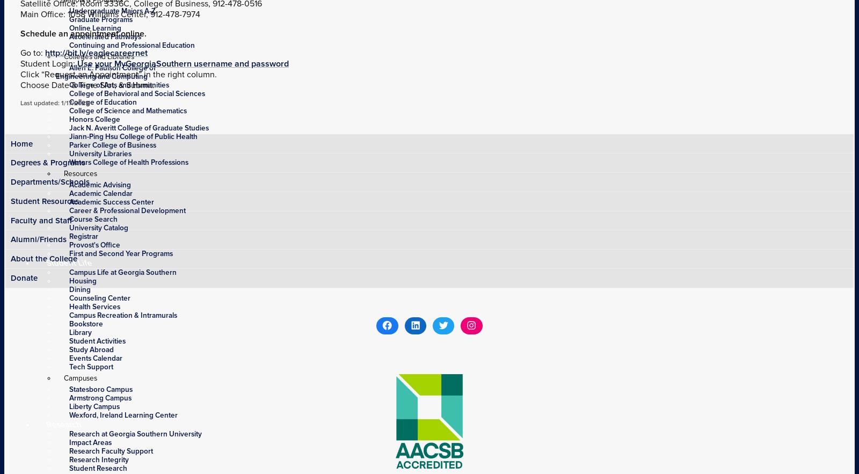  Describe the element at coordinates (80, 173) in the screenshot. I see `'Resources'` at that location.